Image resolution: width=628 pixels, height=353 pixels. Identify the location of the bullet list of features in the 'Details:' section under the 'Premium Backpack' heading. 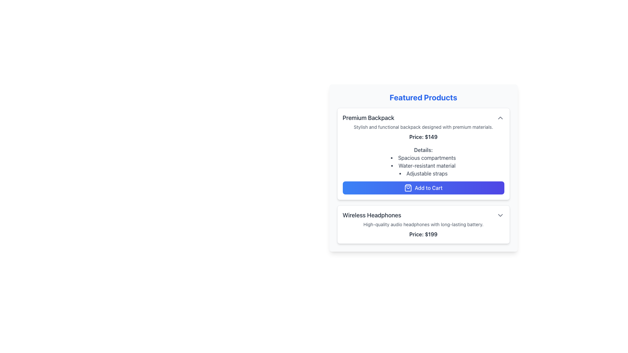
(423, 165).